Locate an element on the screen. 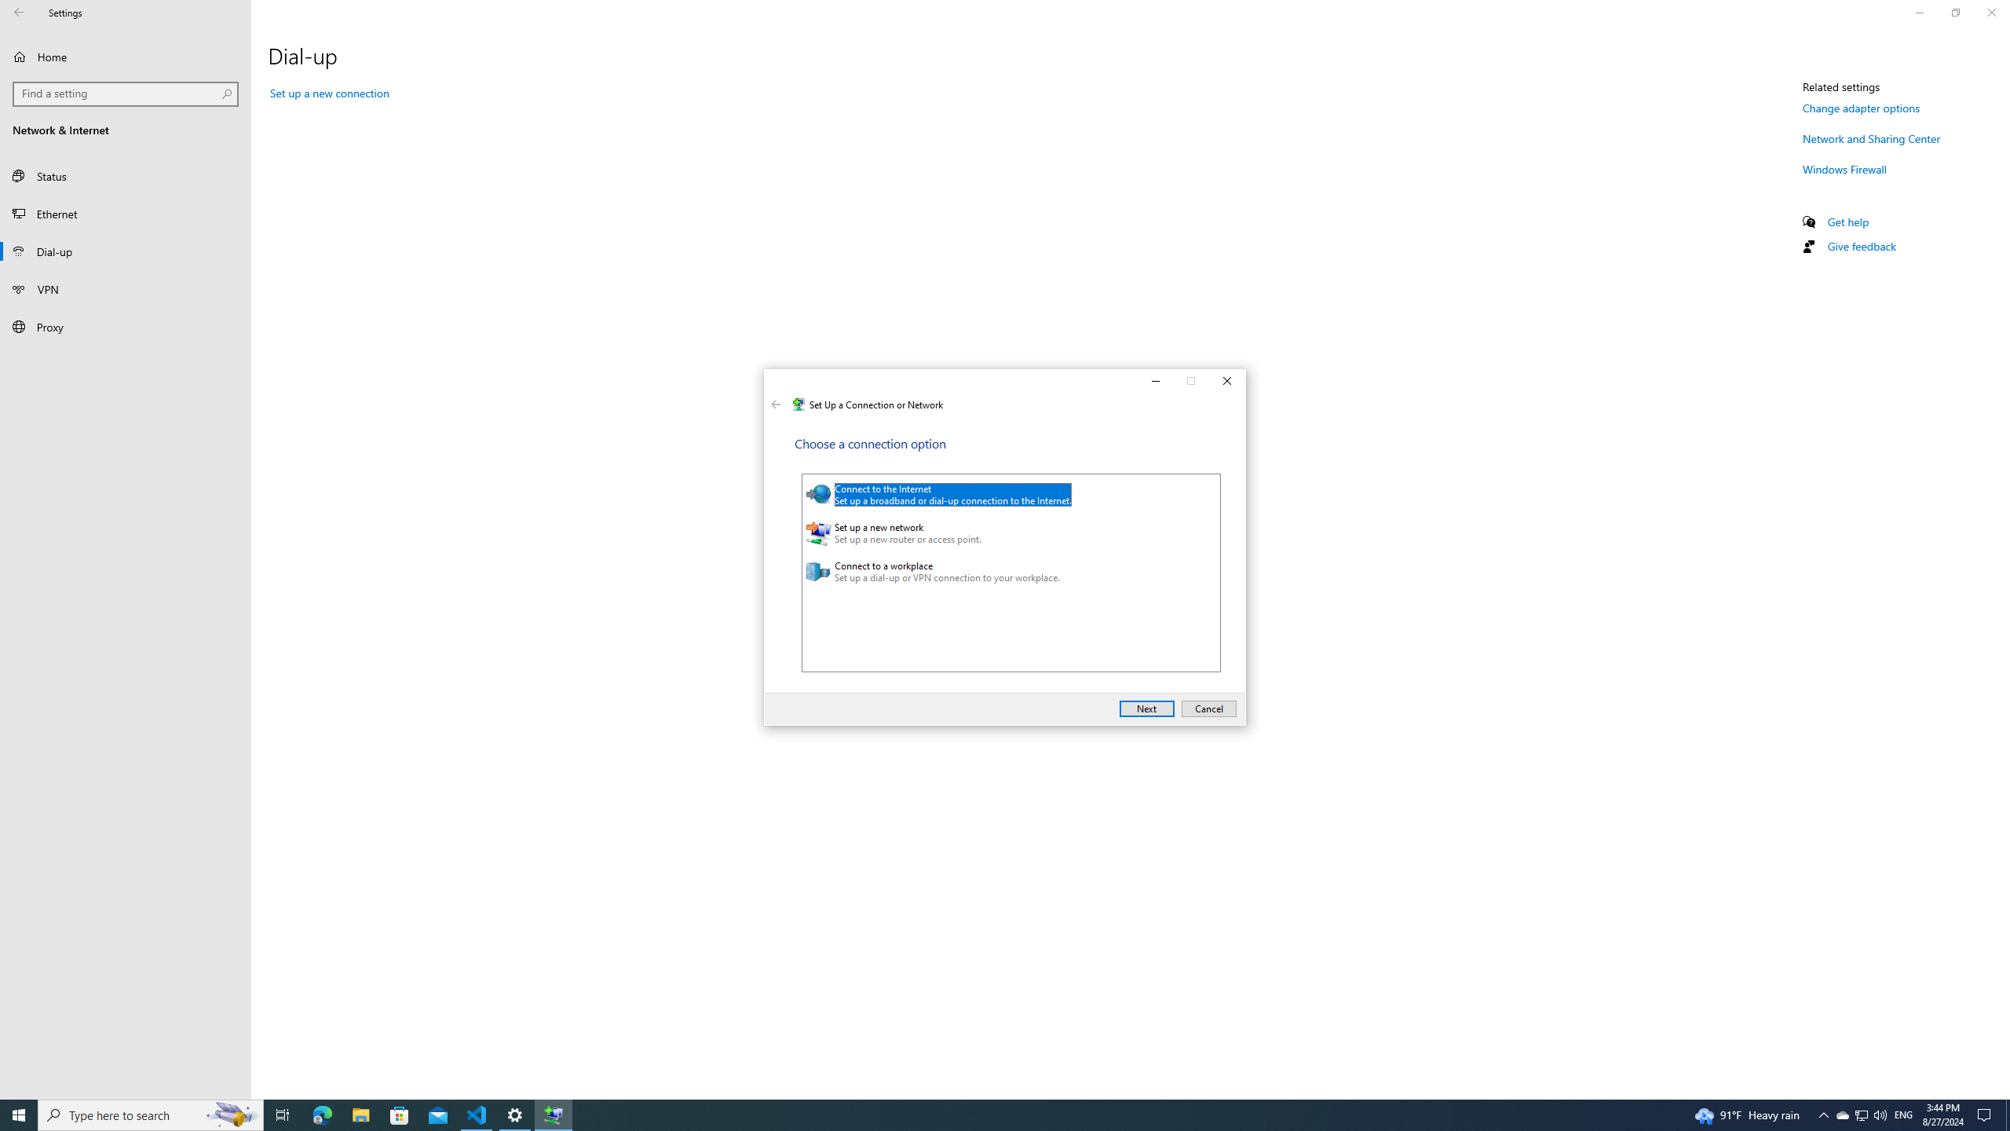  'Set up a new network' is located at coordinates (1003, 533).